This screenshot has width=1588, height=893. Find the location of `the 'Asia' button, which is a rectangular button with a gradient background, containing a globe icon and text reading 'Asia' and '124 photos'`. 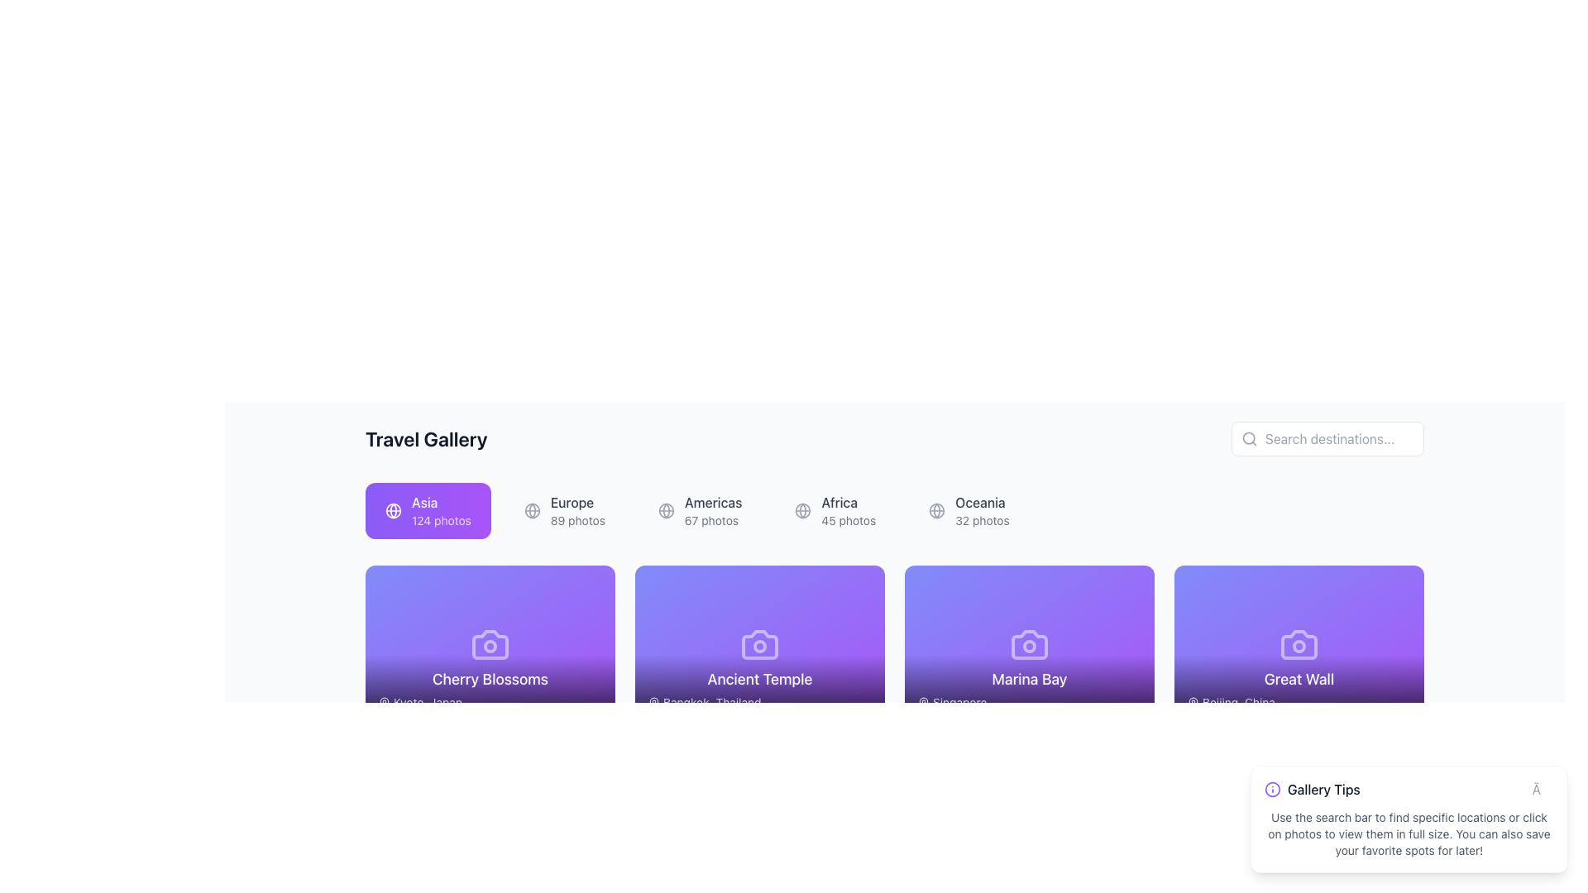

the 'Asia' button, which is a rectangular button with a gradient background, containing a globe icon and text reading 'Asia' and '124 photos' is located at coordinates (428, 509).